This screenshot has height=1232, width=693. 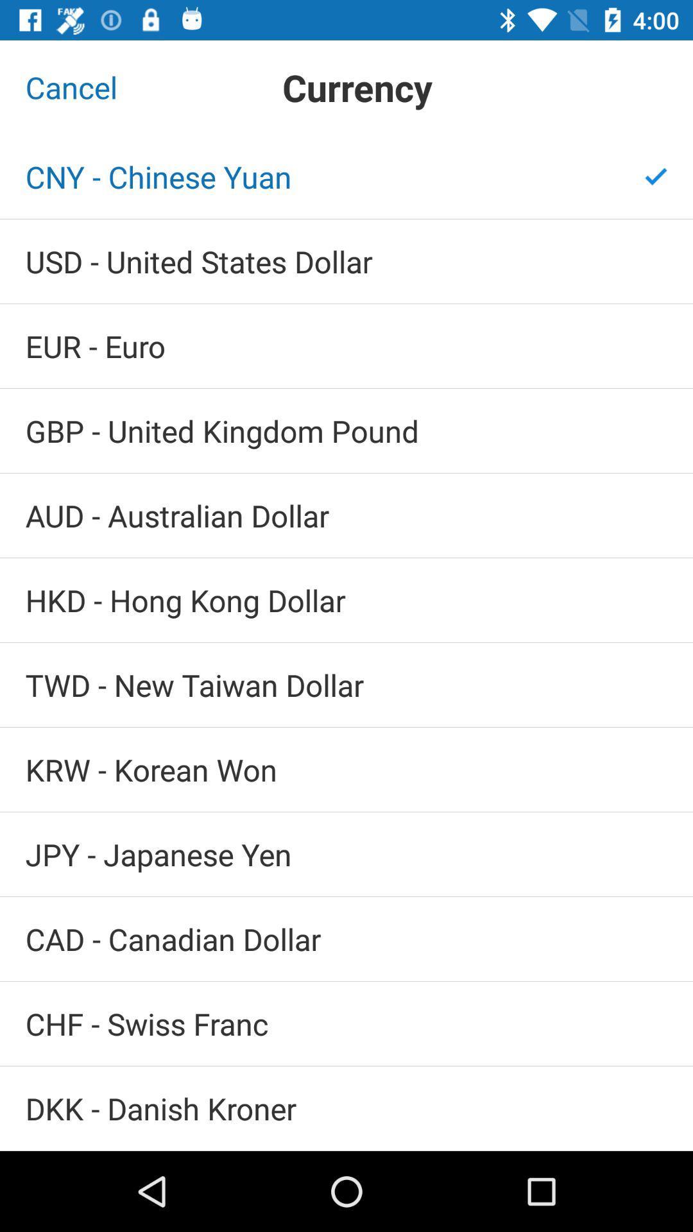 What do you see at coordinates (346, 1108) in the screenshot?
I see `icon below the chf - swiss franc icon` at bounding box center [346, 1108].